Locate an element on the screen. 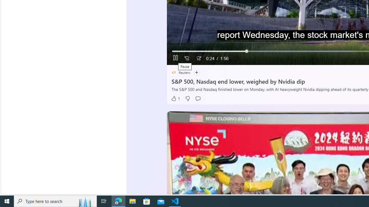 This screenshot has width=369, height=207. 'Seek Forward' is located at coordinates (198, 58).